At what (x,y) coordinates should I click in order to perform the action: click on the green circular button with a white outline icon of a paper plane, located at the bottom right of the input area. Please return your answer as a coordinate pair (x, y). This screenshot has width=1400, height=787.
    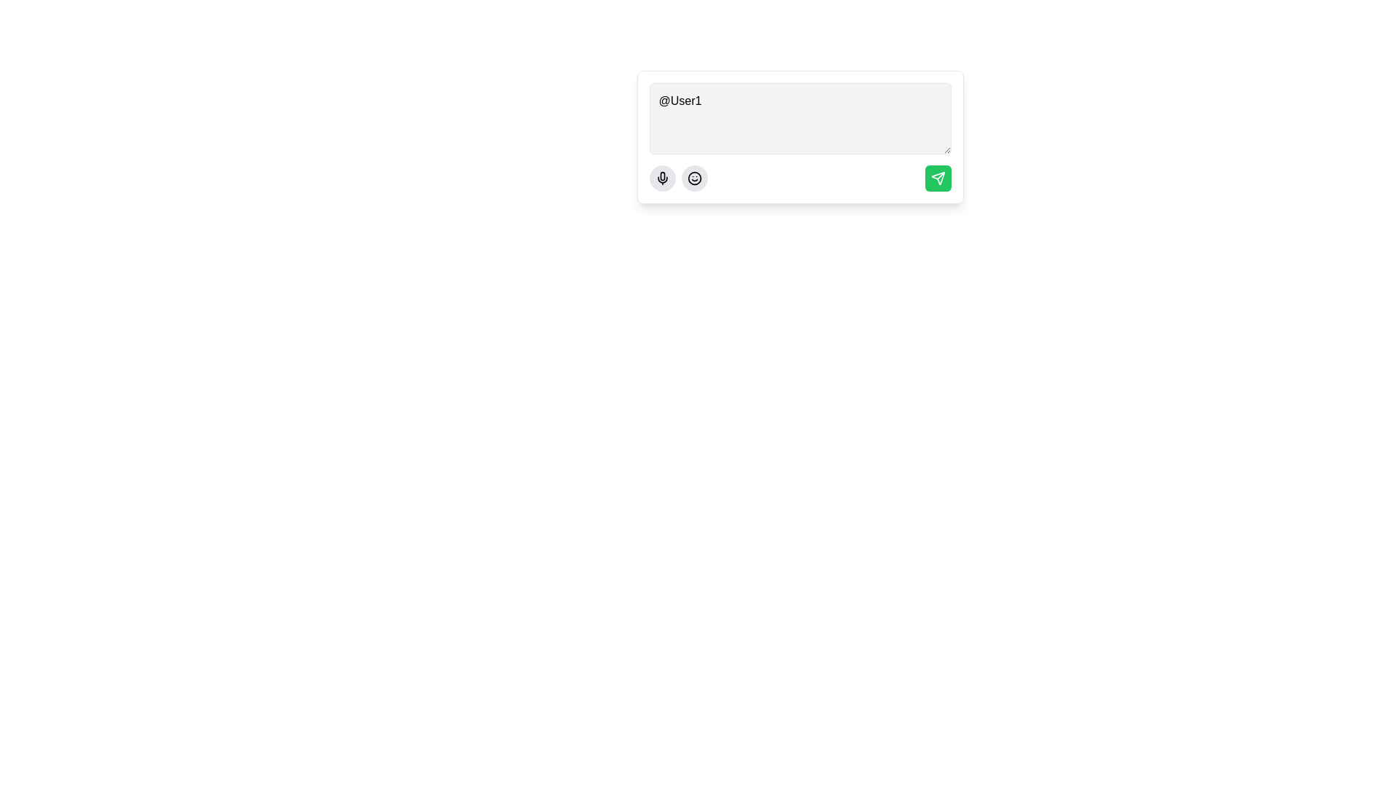
    Looking at the image, I should click on (938, 178).